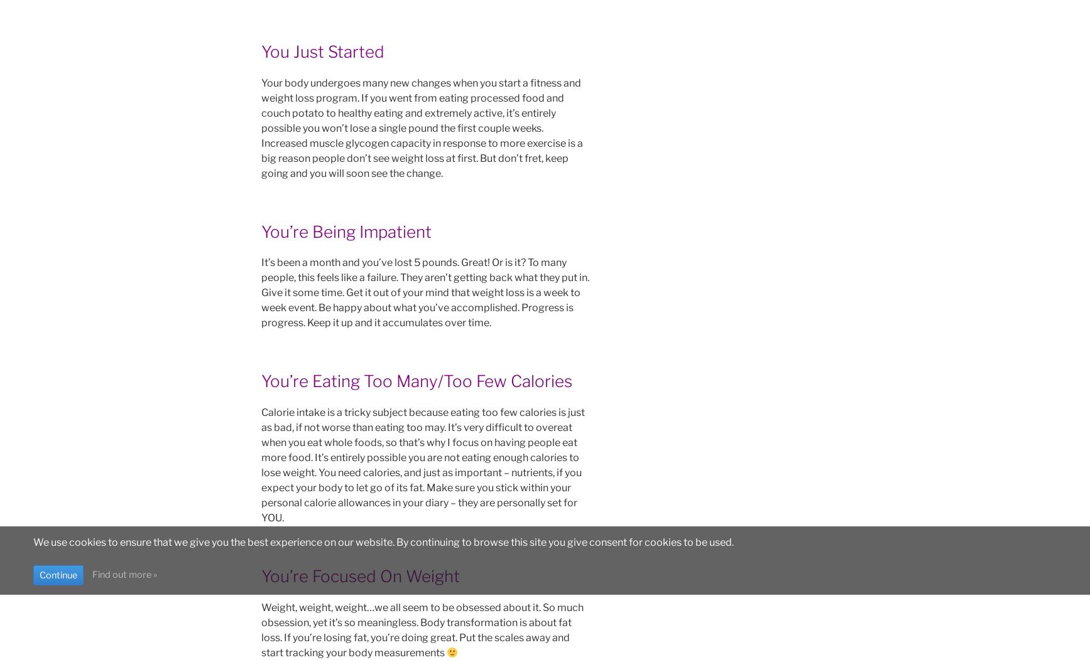  I want to click on 'Continue', so click(57, 574).